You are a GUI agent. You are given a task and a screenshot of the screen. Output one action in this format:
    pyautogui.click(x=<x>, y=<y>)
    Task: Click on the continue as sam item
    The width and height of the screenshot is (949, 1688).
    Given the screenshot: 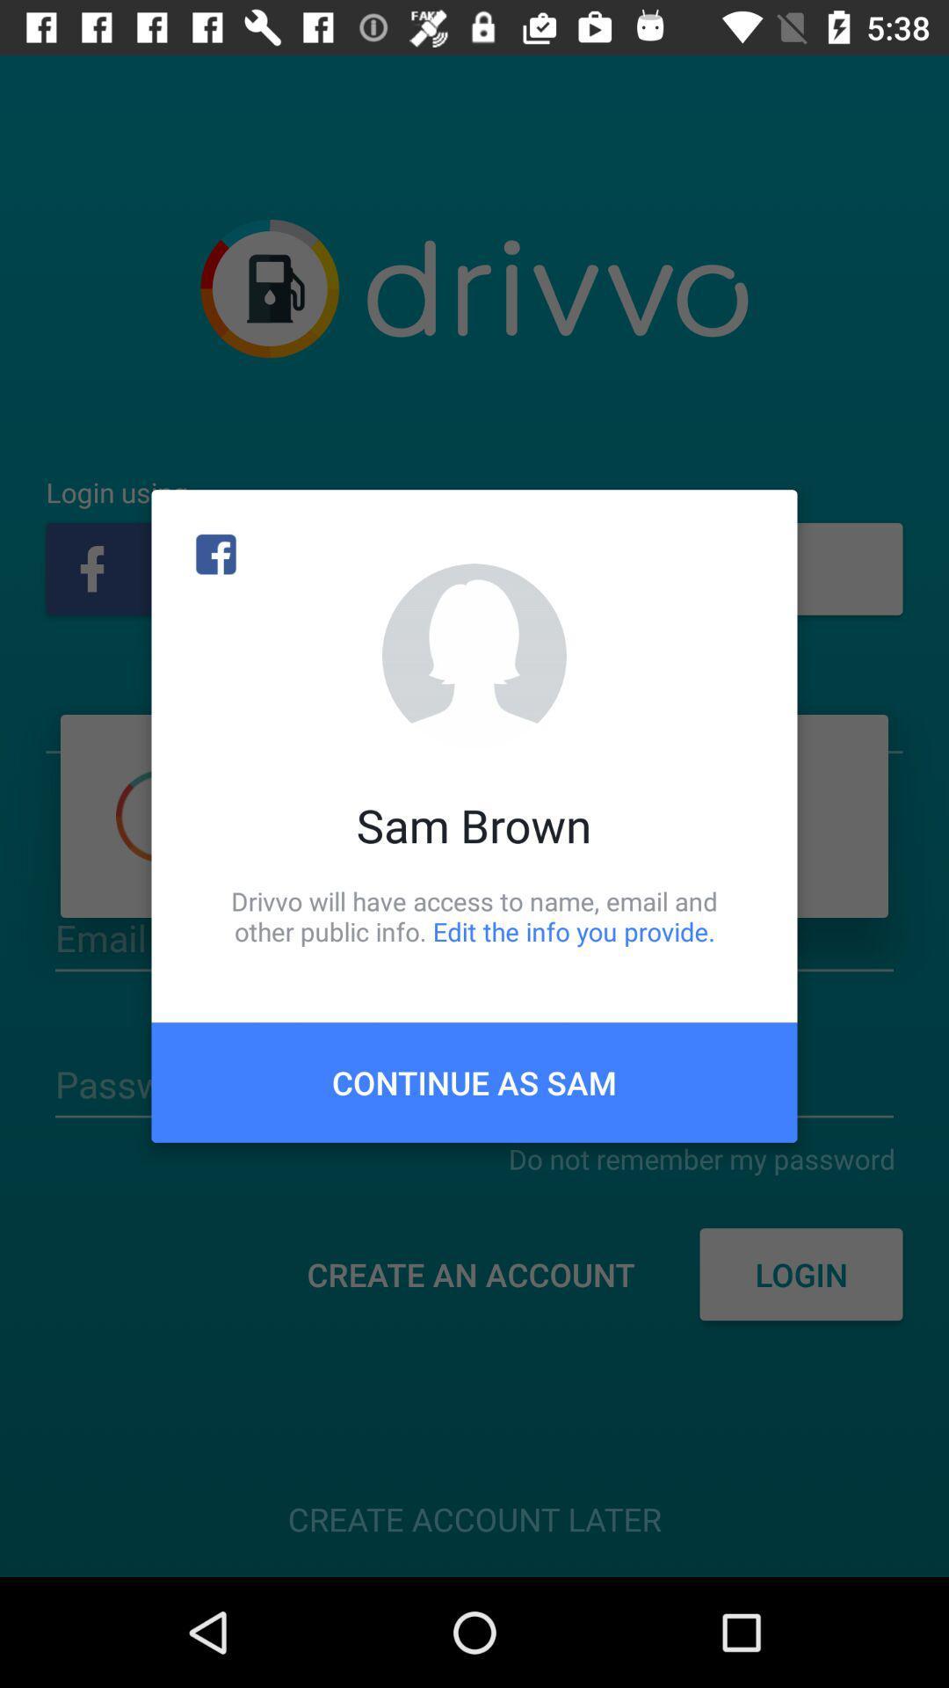 What is the action you would take?
    pyautogui.click(x=474, y=1081)
    